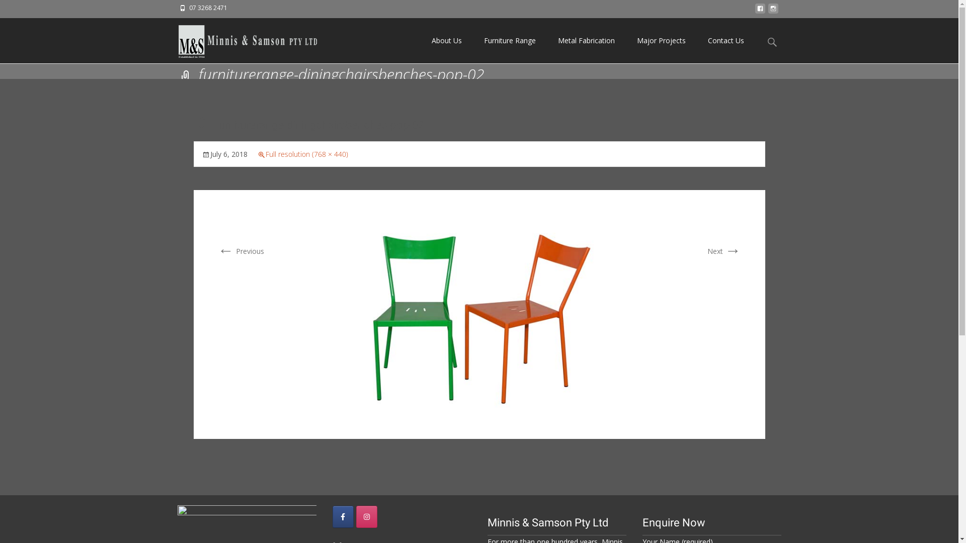  What do you see at coordinates (366, 517) in the screenshot?
I see `'Minnis & Samson Pty Ltd on Instagram'` at bounding box center [366, 517].